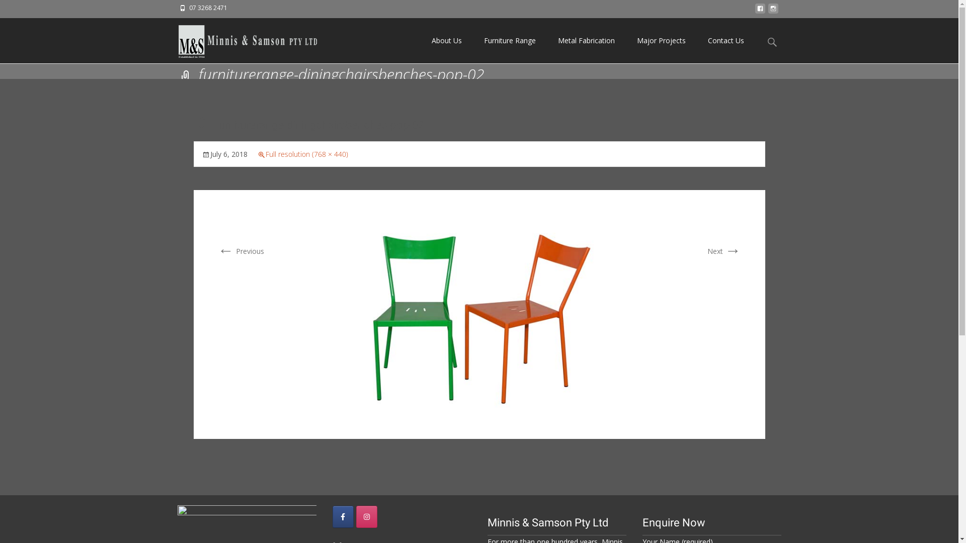  What do you see at coordinates (366, 517) in the screenshot?
I see `'Minnis & Samson Pty Ltd on Instagram'` at bounding box center [366, 517].